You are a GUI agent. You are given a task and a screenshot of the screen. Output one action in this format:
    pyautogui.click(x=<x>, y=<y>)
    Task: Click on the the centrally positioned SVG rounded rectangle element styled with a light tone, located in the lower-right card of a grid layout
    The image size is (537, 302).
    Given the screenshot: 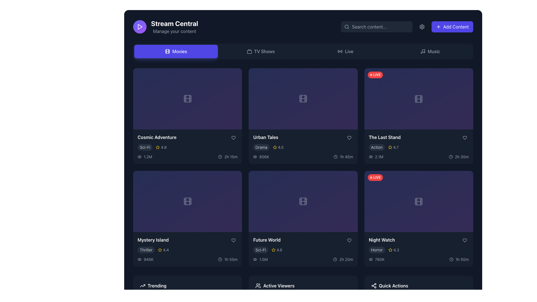 What is the action you would take?
    pyautogui.click(x=419, y=201)
    